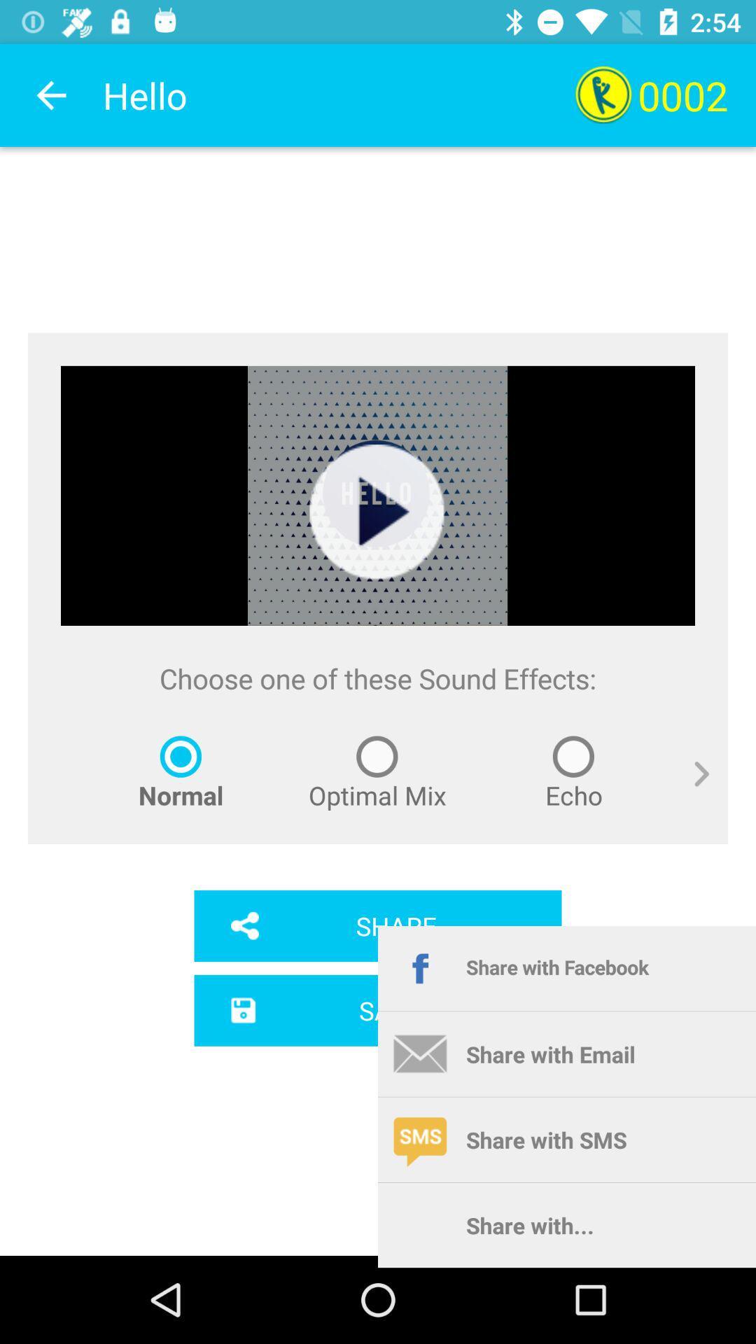 Image resolution: width=756 pixels, height=1344 pixels. Describe the element at coordinates (50, 94) in the screenshot. I see `app next to the hello app` at that location.